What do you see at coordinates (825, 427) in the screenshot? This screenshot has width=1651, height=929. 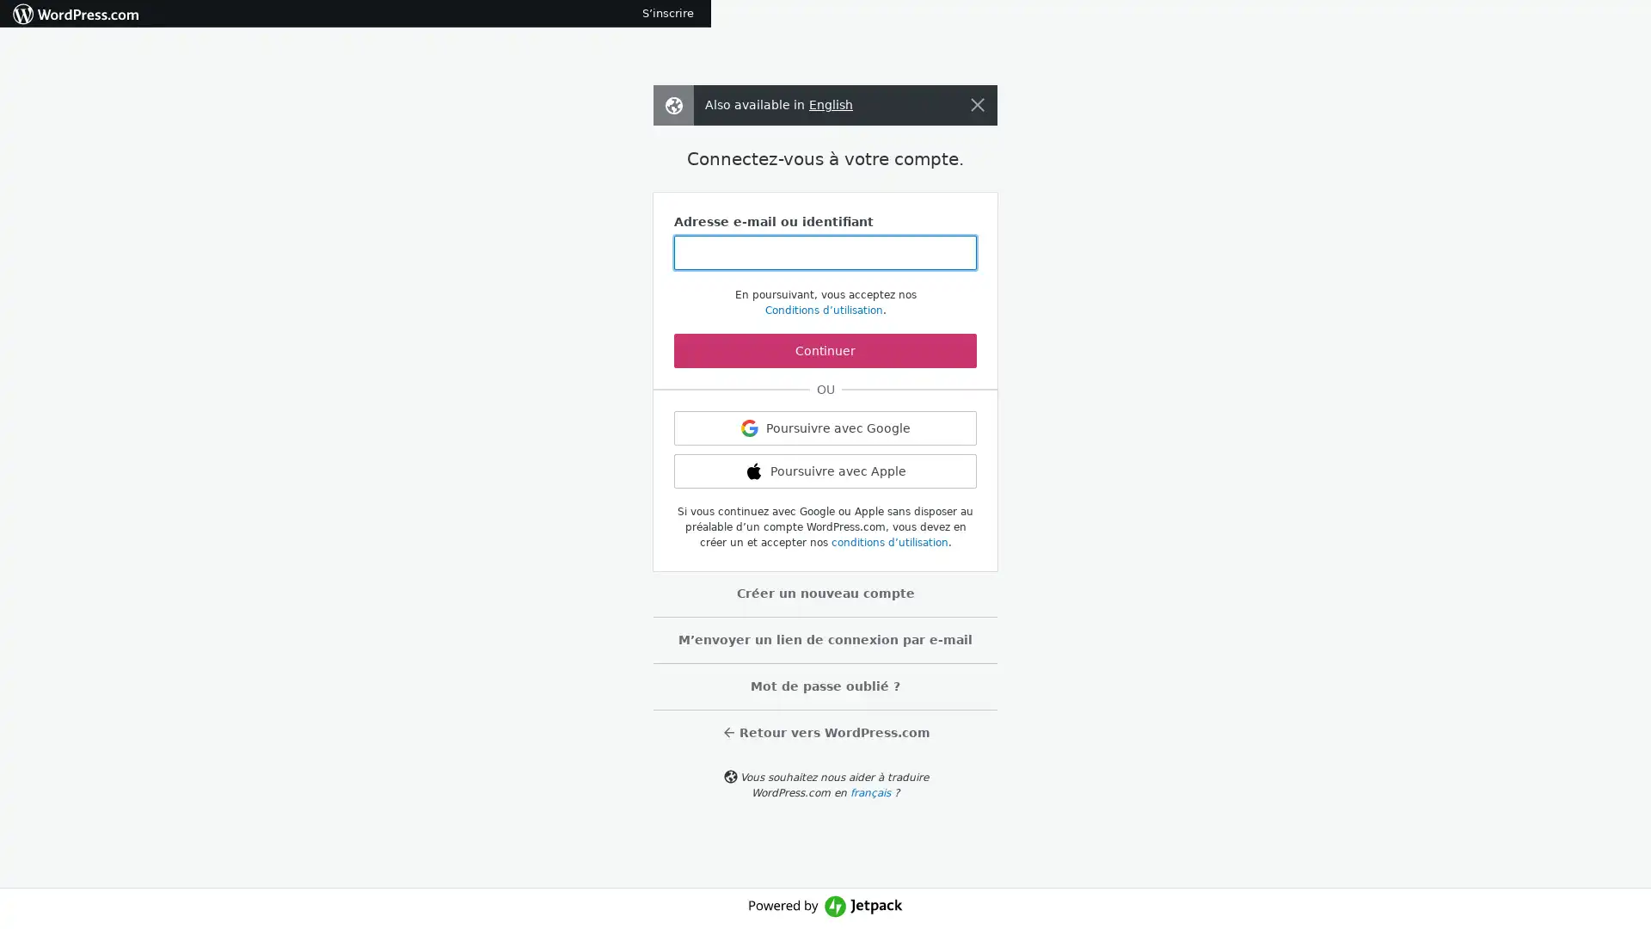 I see `Poursuivre avec Google` at bounding box center [825, 427].